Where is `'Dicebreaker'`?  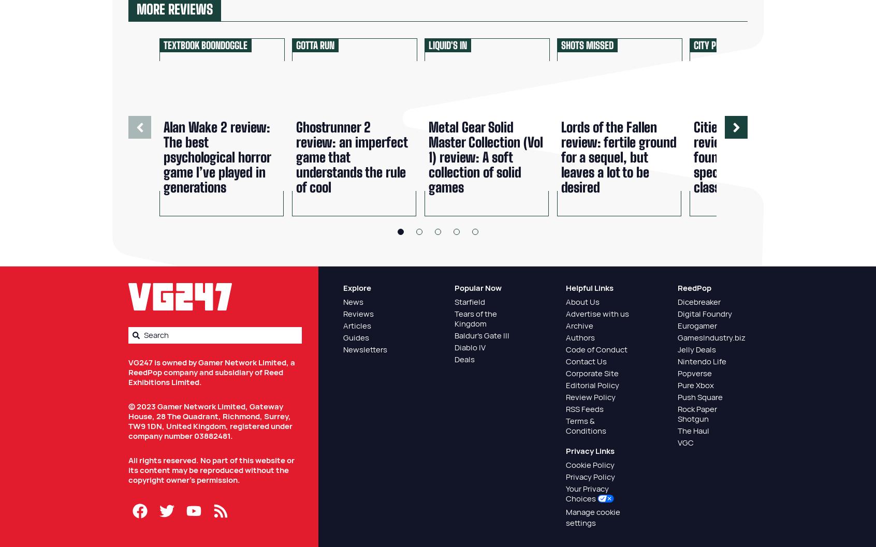
'Dicebreaker' is located at coordinates (698, 301).